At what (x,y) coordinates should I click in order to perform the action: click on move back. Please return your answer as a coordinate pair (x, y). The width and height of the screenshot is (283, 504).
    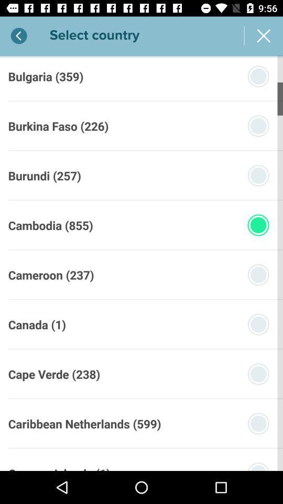
    Looking at the image, I should click on (19, 36).